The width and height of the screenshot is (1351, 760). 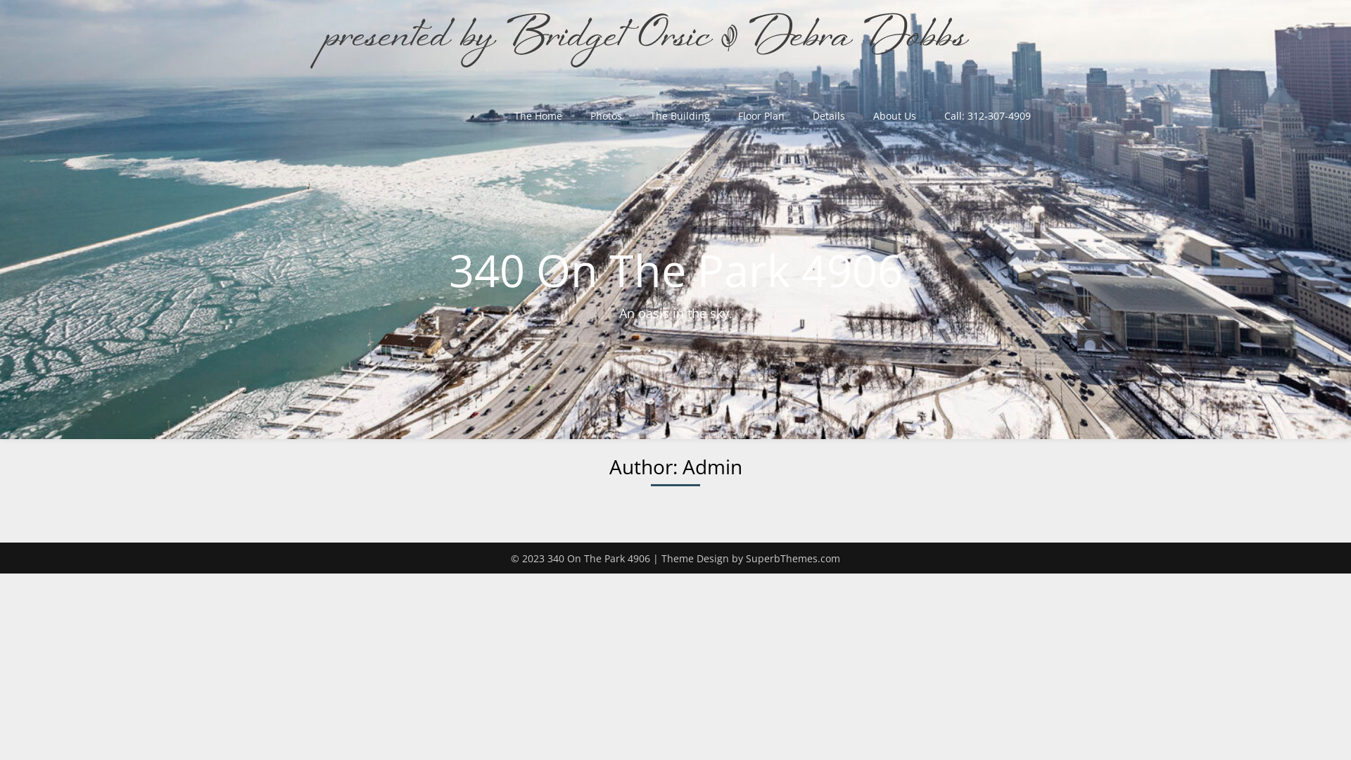 I want to click on 'Call: 312-307-4909', so click(x=987, y=115).